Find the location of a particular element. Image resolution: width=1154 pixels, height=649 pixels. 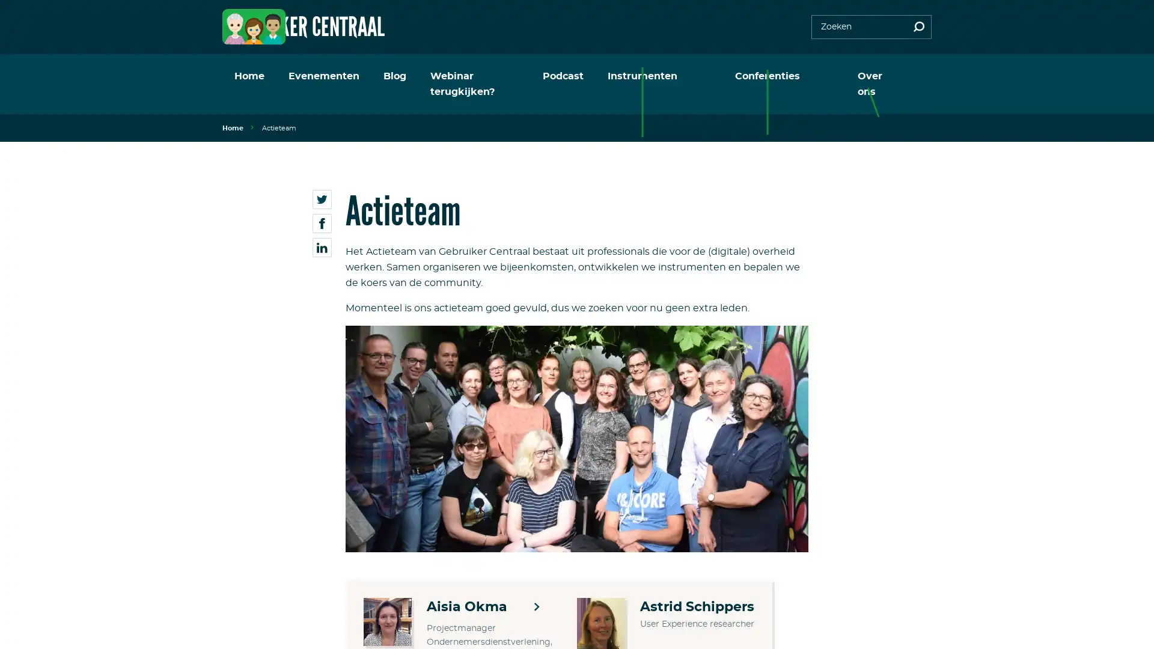

Zoek is located at coordinates (918, 27).